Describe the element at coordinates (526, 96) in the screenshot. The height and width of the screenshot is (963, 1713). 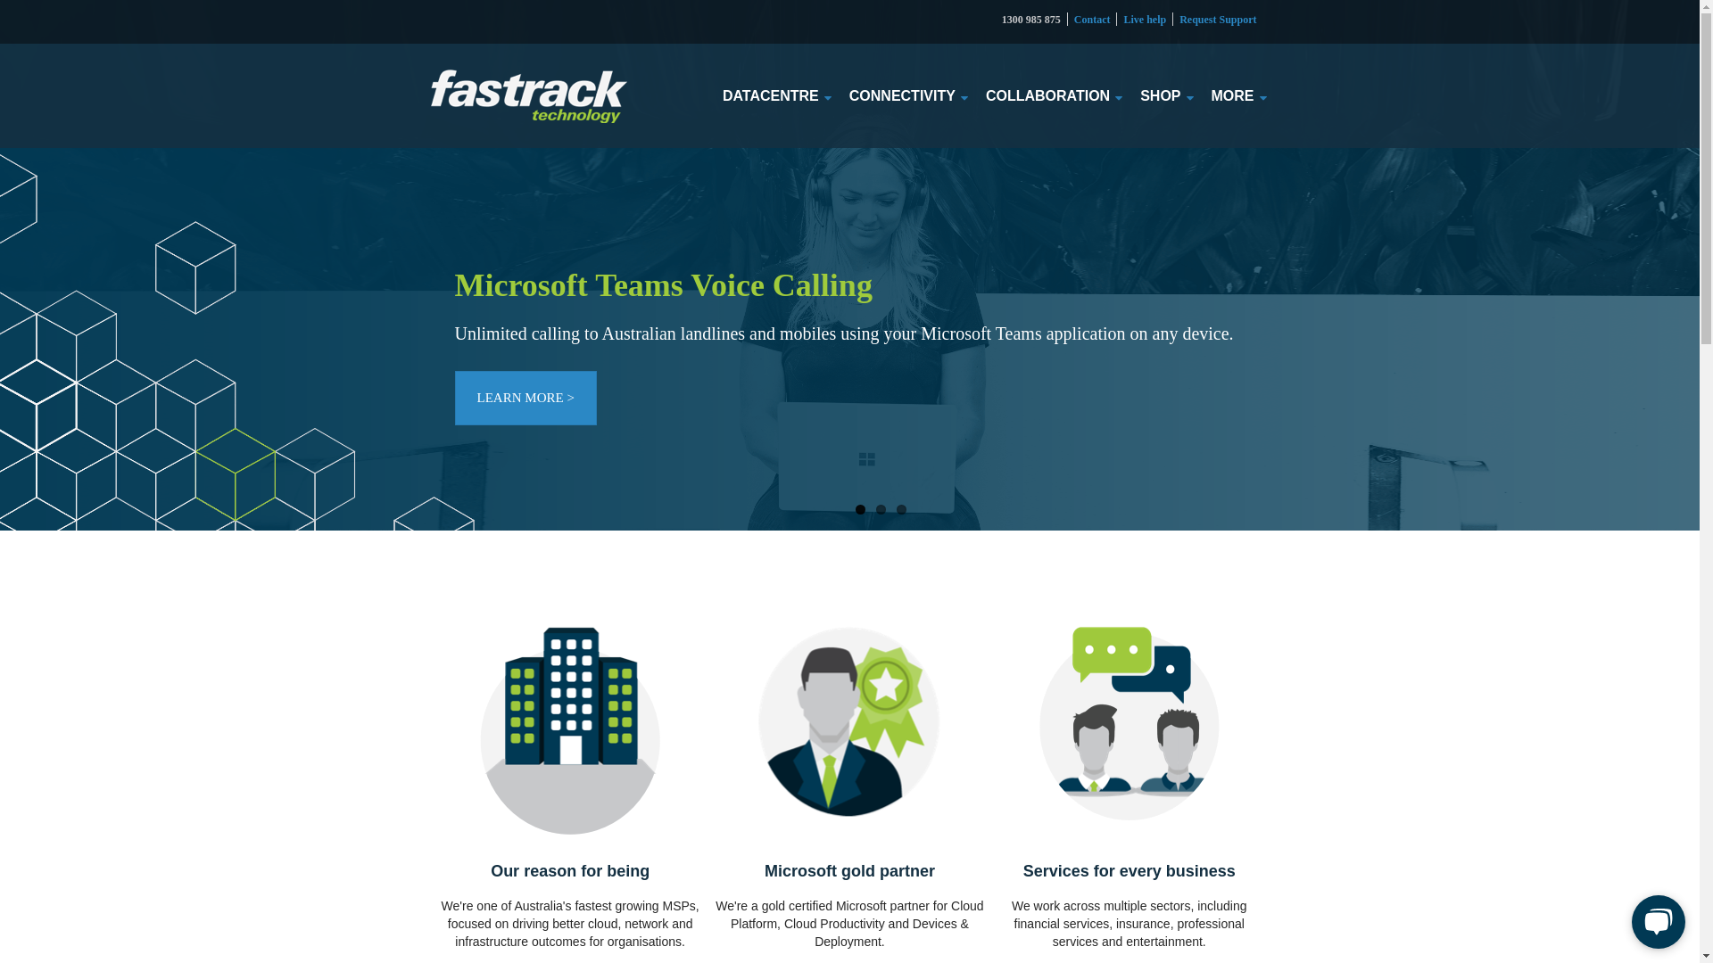
I see `'Logo_dark-bg_300px.png'` at that location.